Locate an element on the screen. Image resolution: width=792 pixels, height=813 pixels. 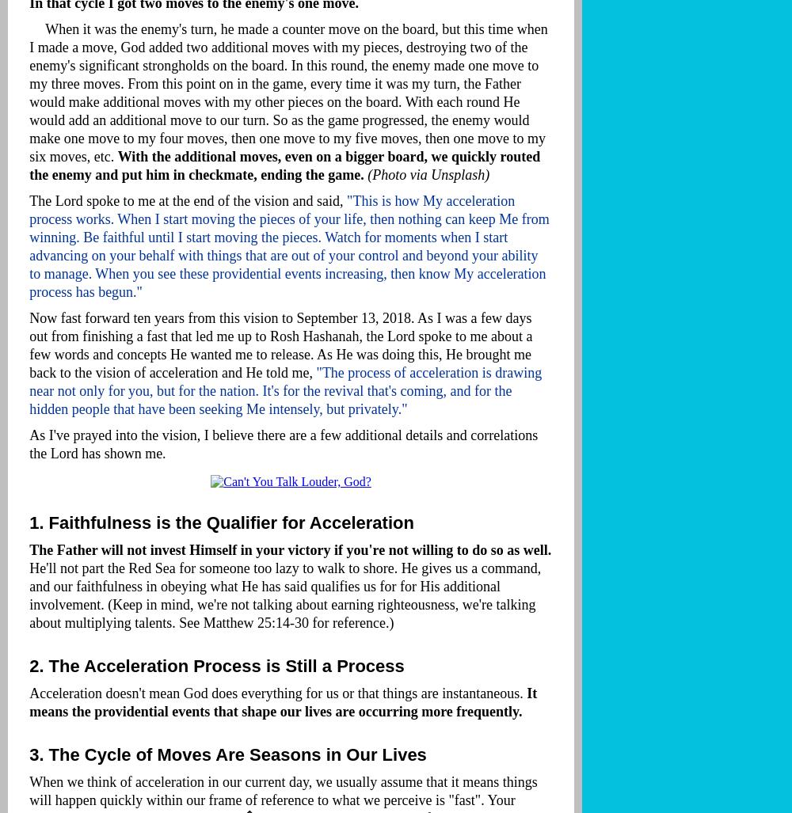
'(Photo via Unsplash)' is located at coordinates (428, 174).